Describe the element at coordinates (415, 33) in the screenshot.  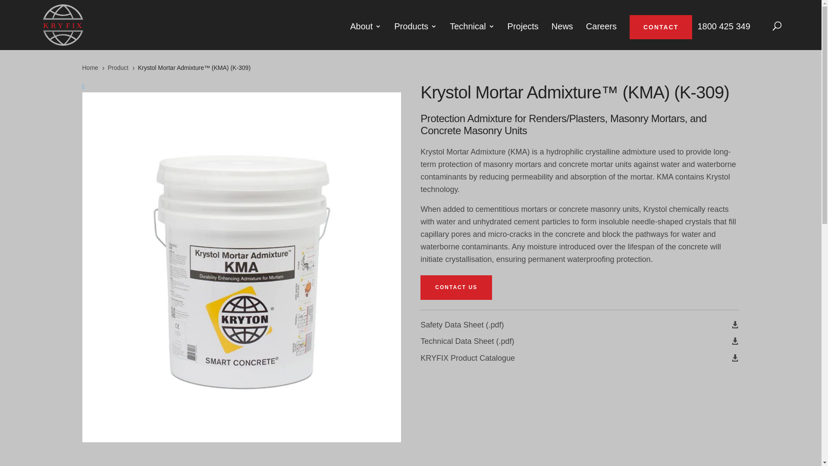
I see `'Products'` at that location.